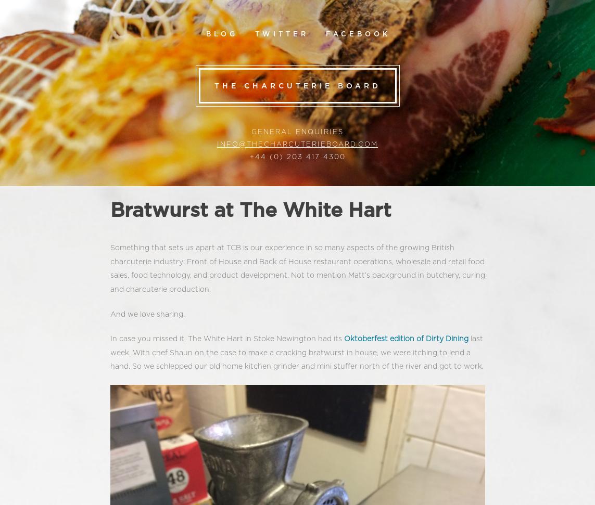 The width and height of the screenshot is (595, 505). What do you see at coordinates (147, 313) in the screenshot?
I see `'And we love sharing.'` at bounding box center [147, 313].